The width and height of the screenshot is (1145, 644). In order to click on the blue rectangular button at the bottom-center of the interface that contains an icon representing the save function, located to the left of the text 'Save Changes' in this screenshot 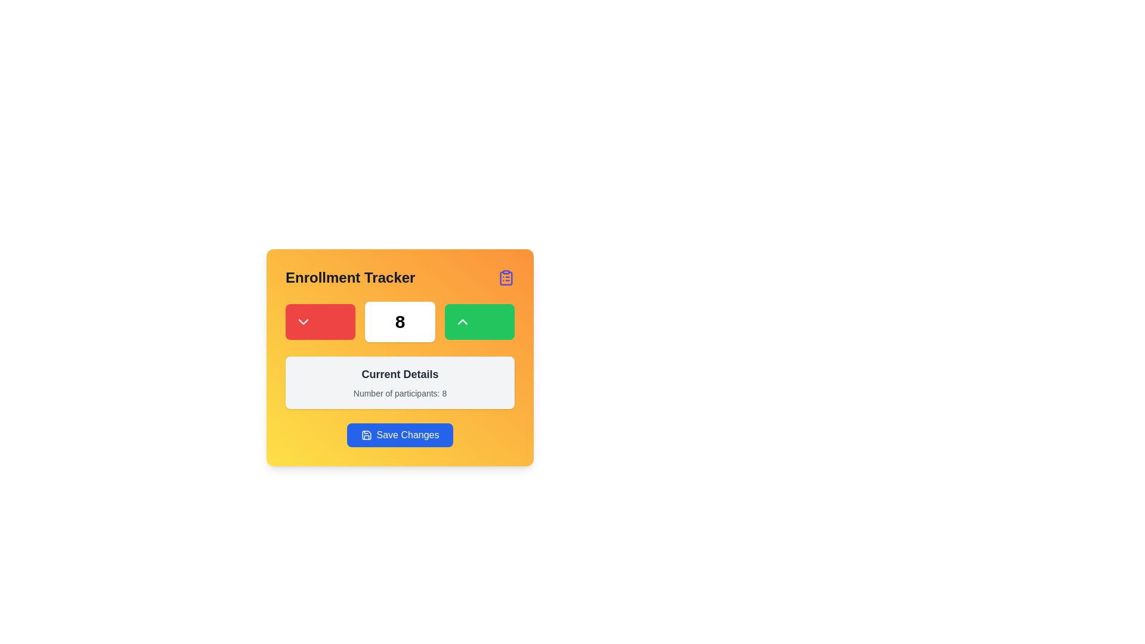, I will do `click(366, 435)`.